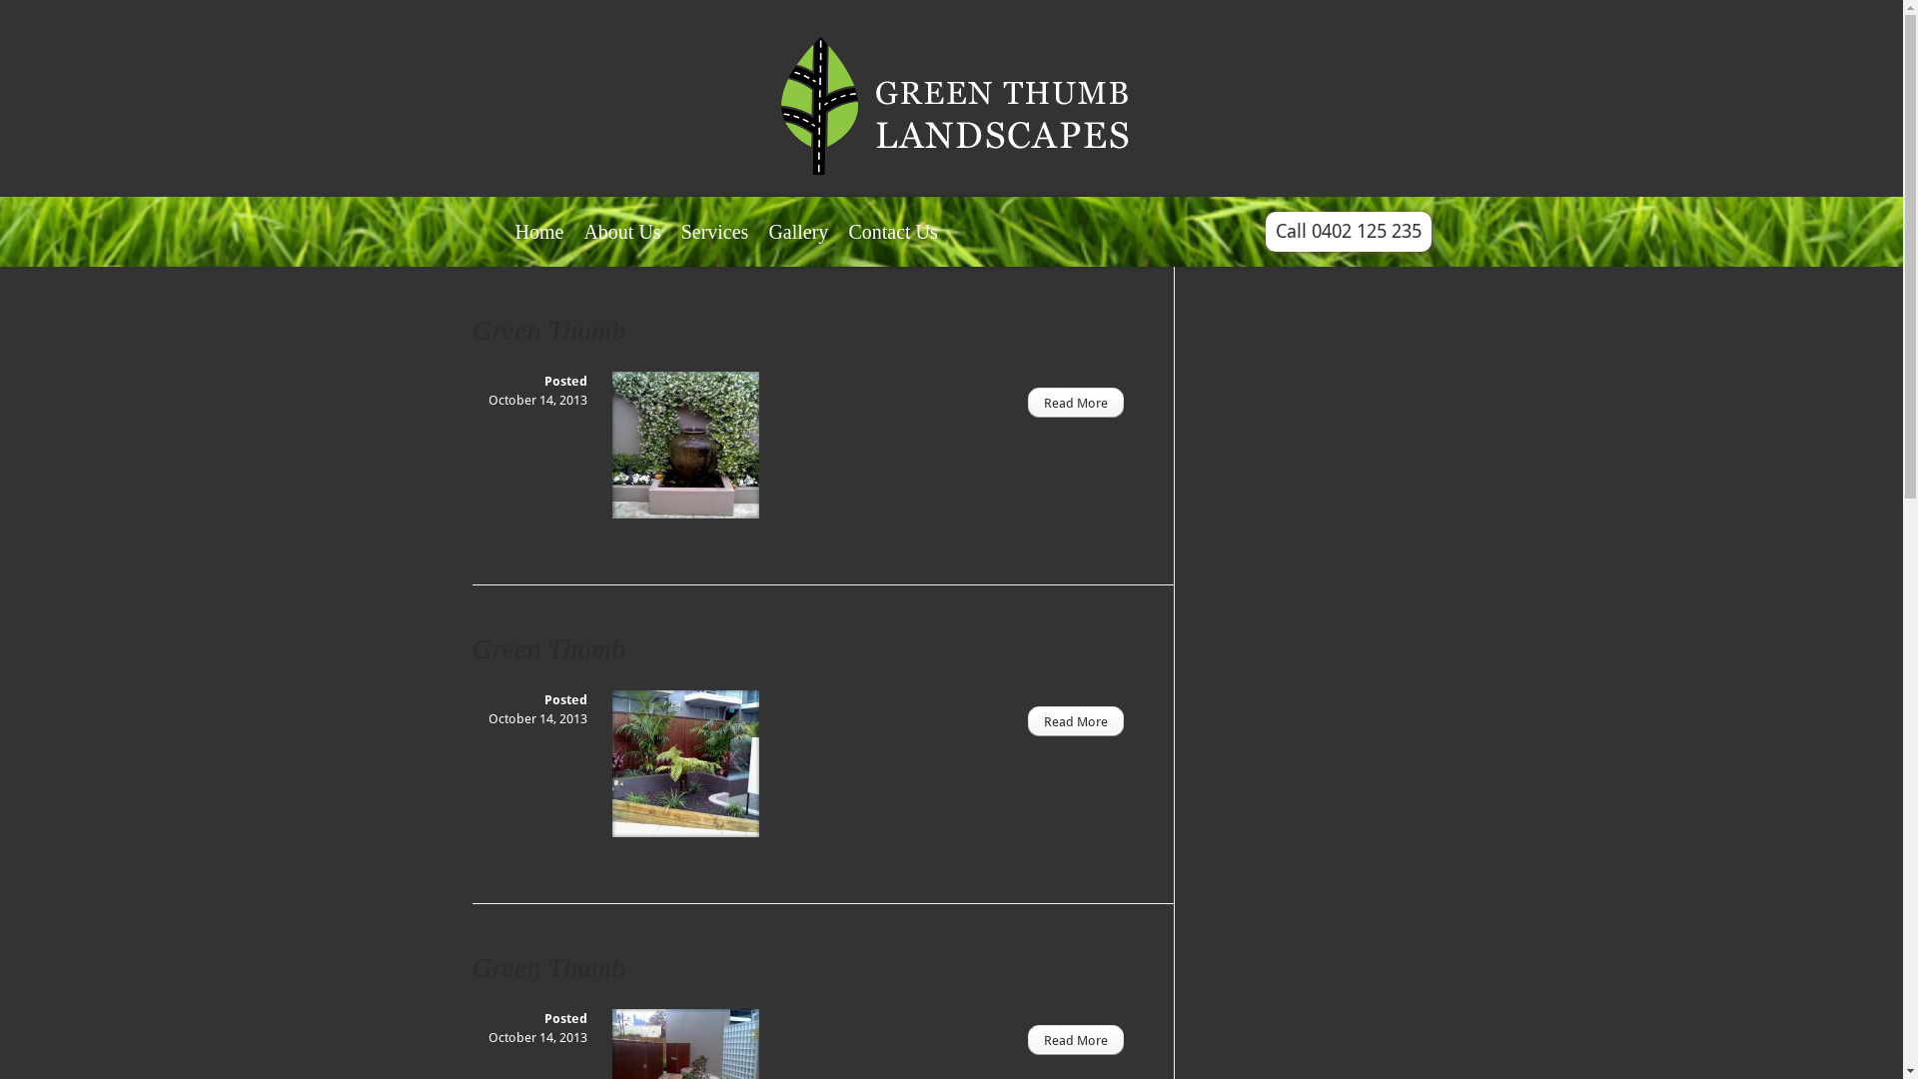 The height and width of the screenshot is (1079, 1918). What do you see at coordinates (1073, 402) in the screenshot?
I see `'Read More'` at bounding box center [1073, 402].